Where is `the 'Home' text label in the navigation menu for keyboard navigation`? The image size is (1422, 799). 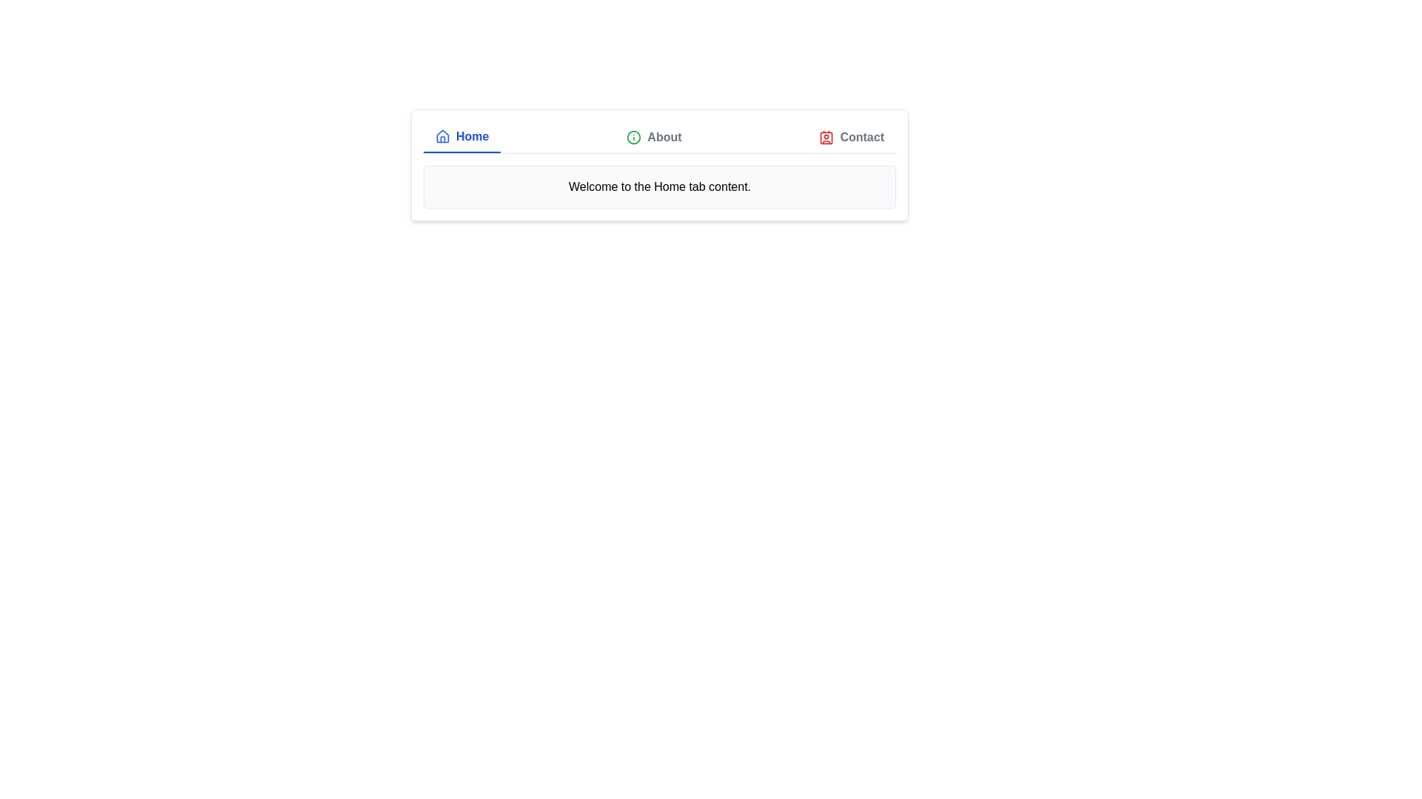
the 'Home' text label in the navigation menu for keyboard navigation is located at coordinates (472, 137).